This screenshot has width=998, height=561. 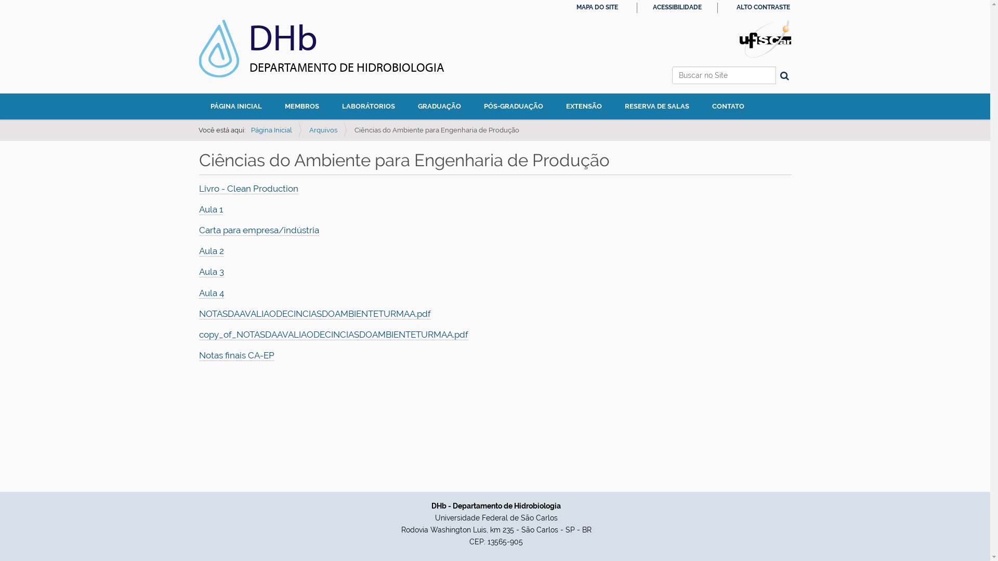 What do you see at coordinates (596, 7) in the screenshot?
I see `'MAPA DO SITE'` at bounding box center [596, 7].